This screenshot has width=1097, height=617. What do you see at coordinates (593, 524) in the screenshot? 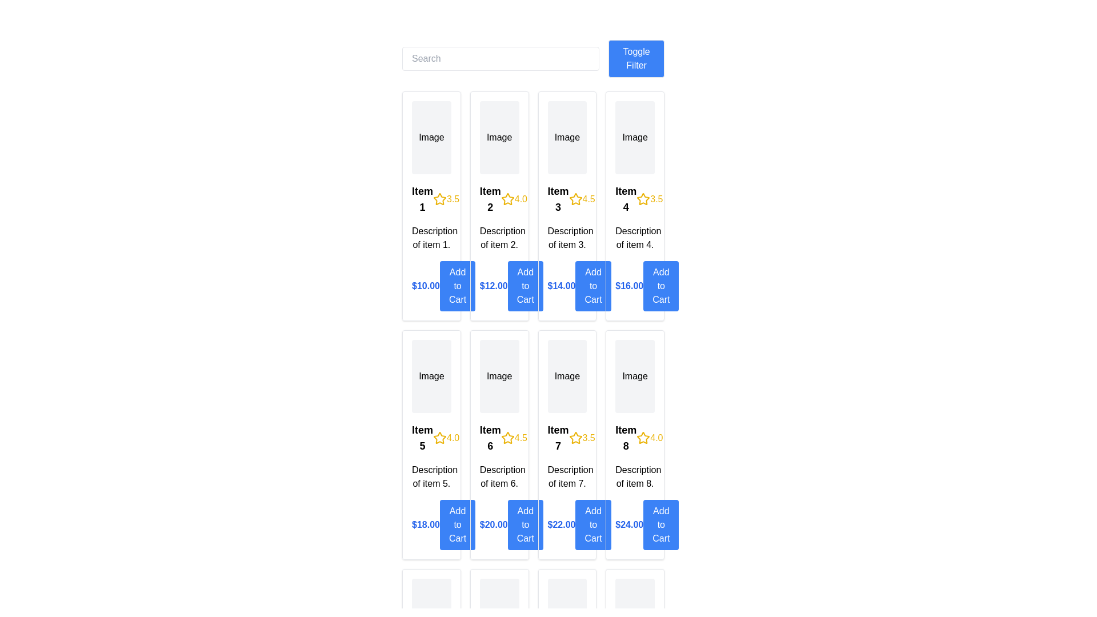
I see `the button for 'Item 7' located below the price '$22.00' in the third column of the second row` at bounding box center [593, 524].